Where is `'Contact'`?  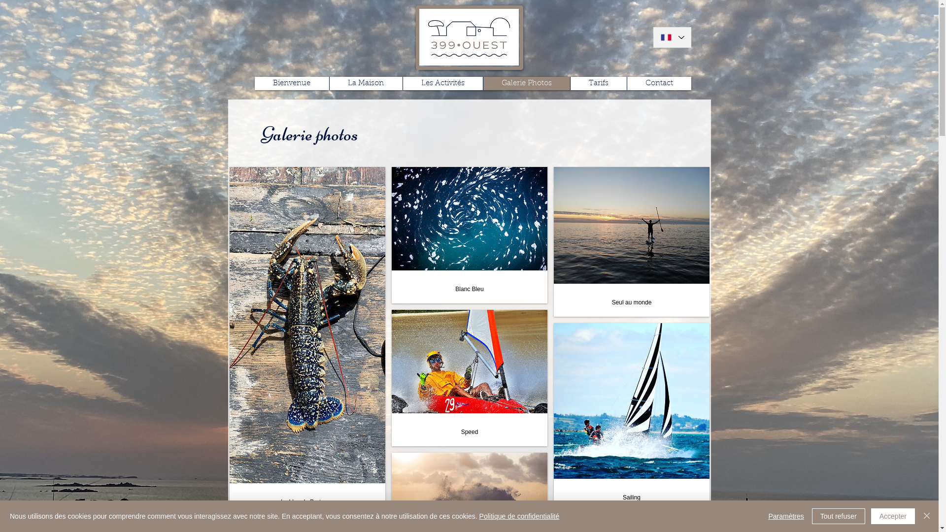 'Contact' is located at coordinates (659, 83).